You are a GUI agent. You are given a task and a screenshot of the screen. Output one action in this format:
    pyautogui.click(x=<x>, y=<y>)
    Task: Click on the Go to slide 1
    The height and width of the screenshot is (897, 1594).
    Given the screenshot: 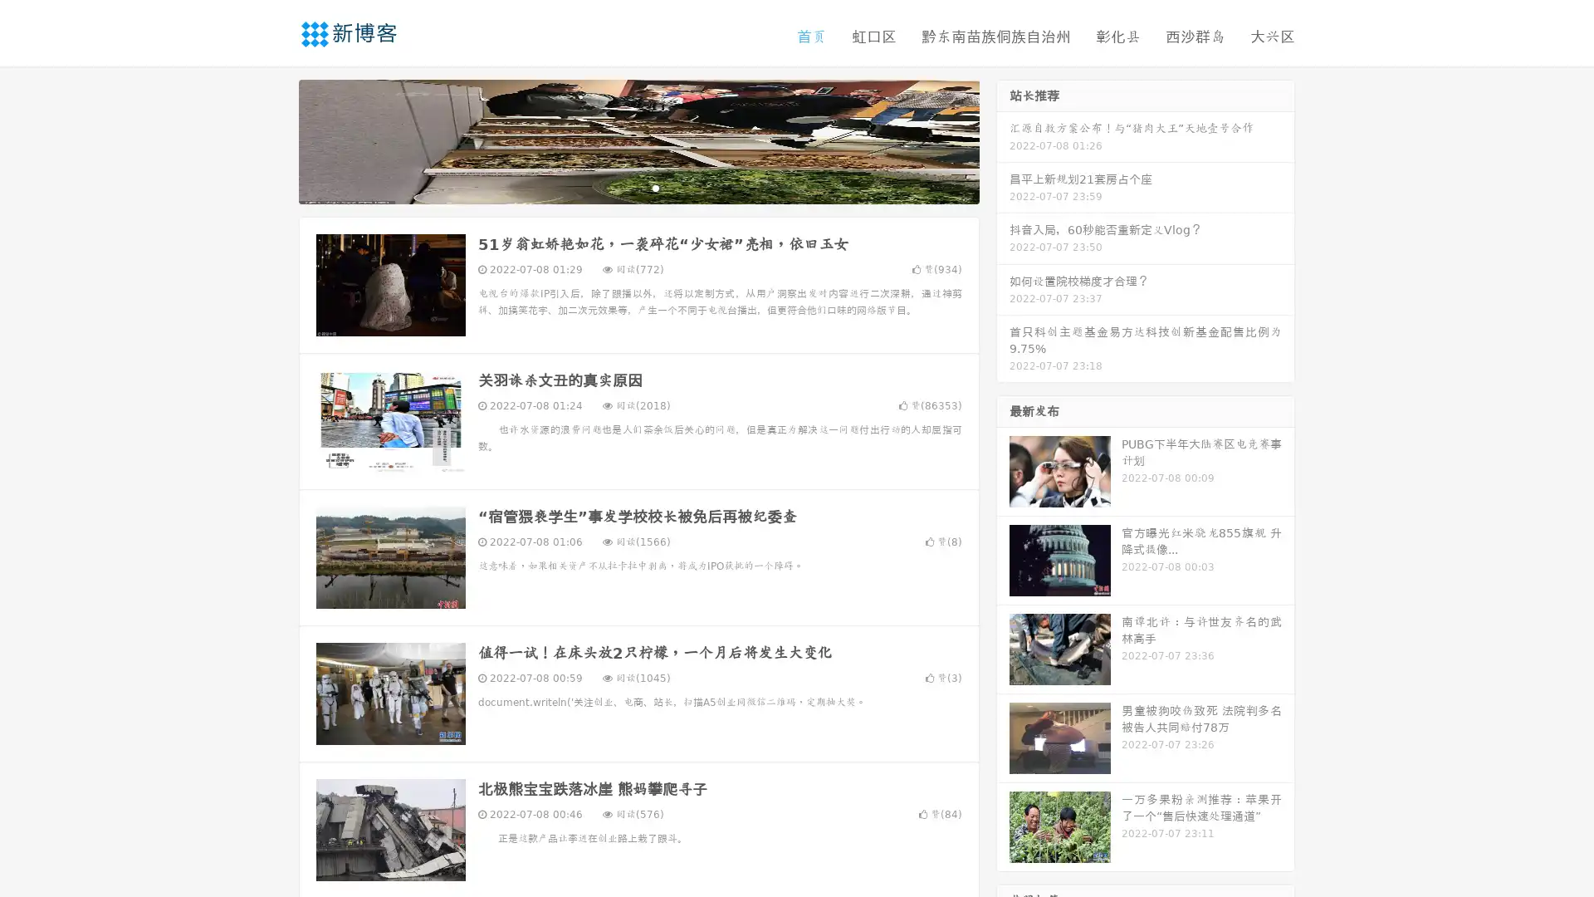 What is the action you would take?
    pyautogui.click(x=621, y=187)
    